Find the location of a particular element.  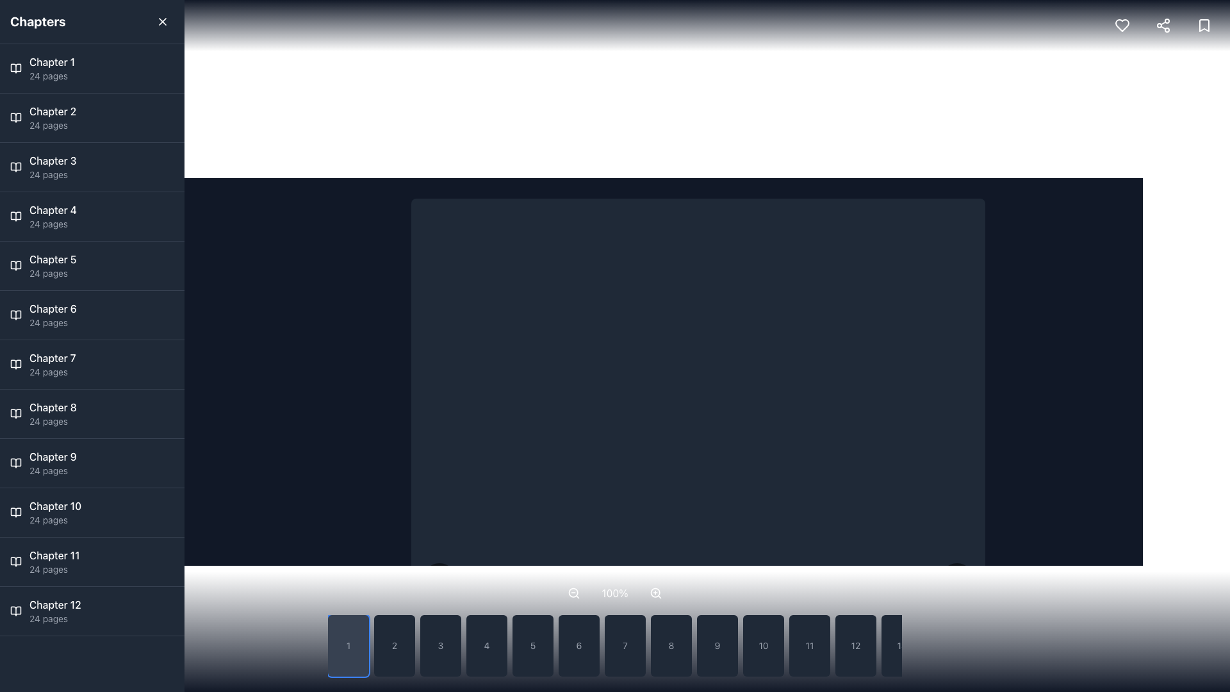

the button labeled '11', which is a rectangular component with rounded corners and a dark gray background is located at coordinates (808, 645).